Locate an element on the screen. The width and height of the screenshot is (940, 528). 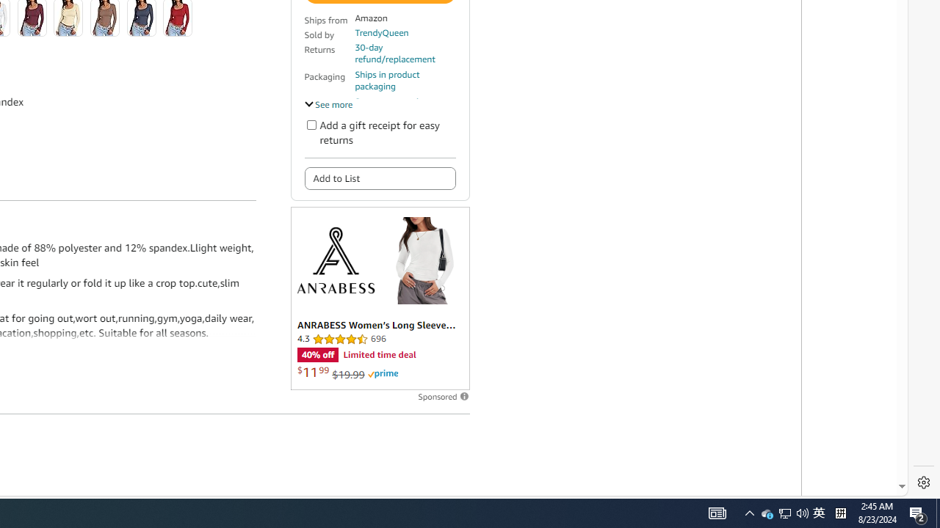
'Logo' is located at coordinates (334, 259).